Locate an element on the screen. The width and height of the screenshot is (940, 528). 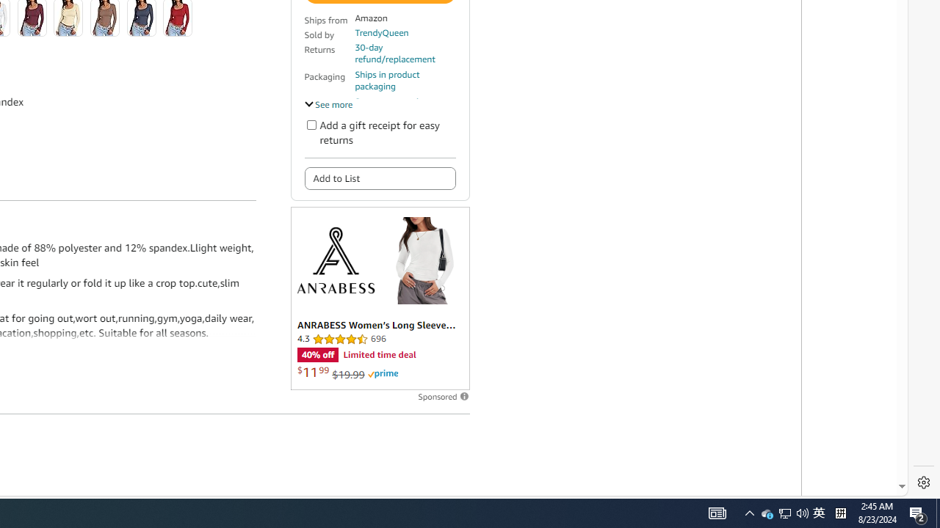
'Logo' is located at coordinates (334, 259).